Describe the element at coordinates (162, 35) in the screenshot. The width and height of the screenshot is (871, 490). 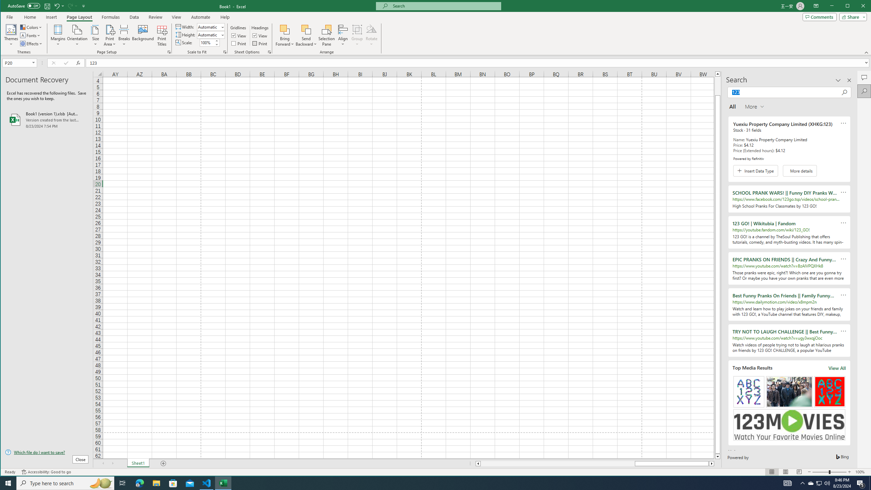
I see `'Print Titles'` at that location.